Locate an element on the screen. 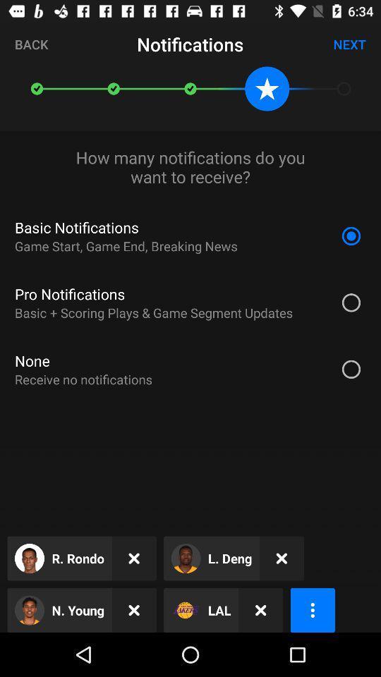 The height and width of the screenshot is (677, 381). the more icon is located at coordinates (313, 609).